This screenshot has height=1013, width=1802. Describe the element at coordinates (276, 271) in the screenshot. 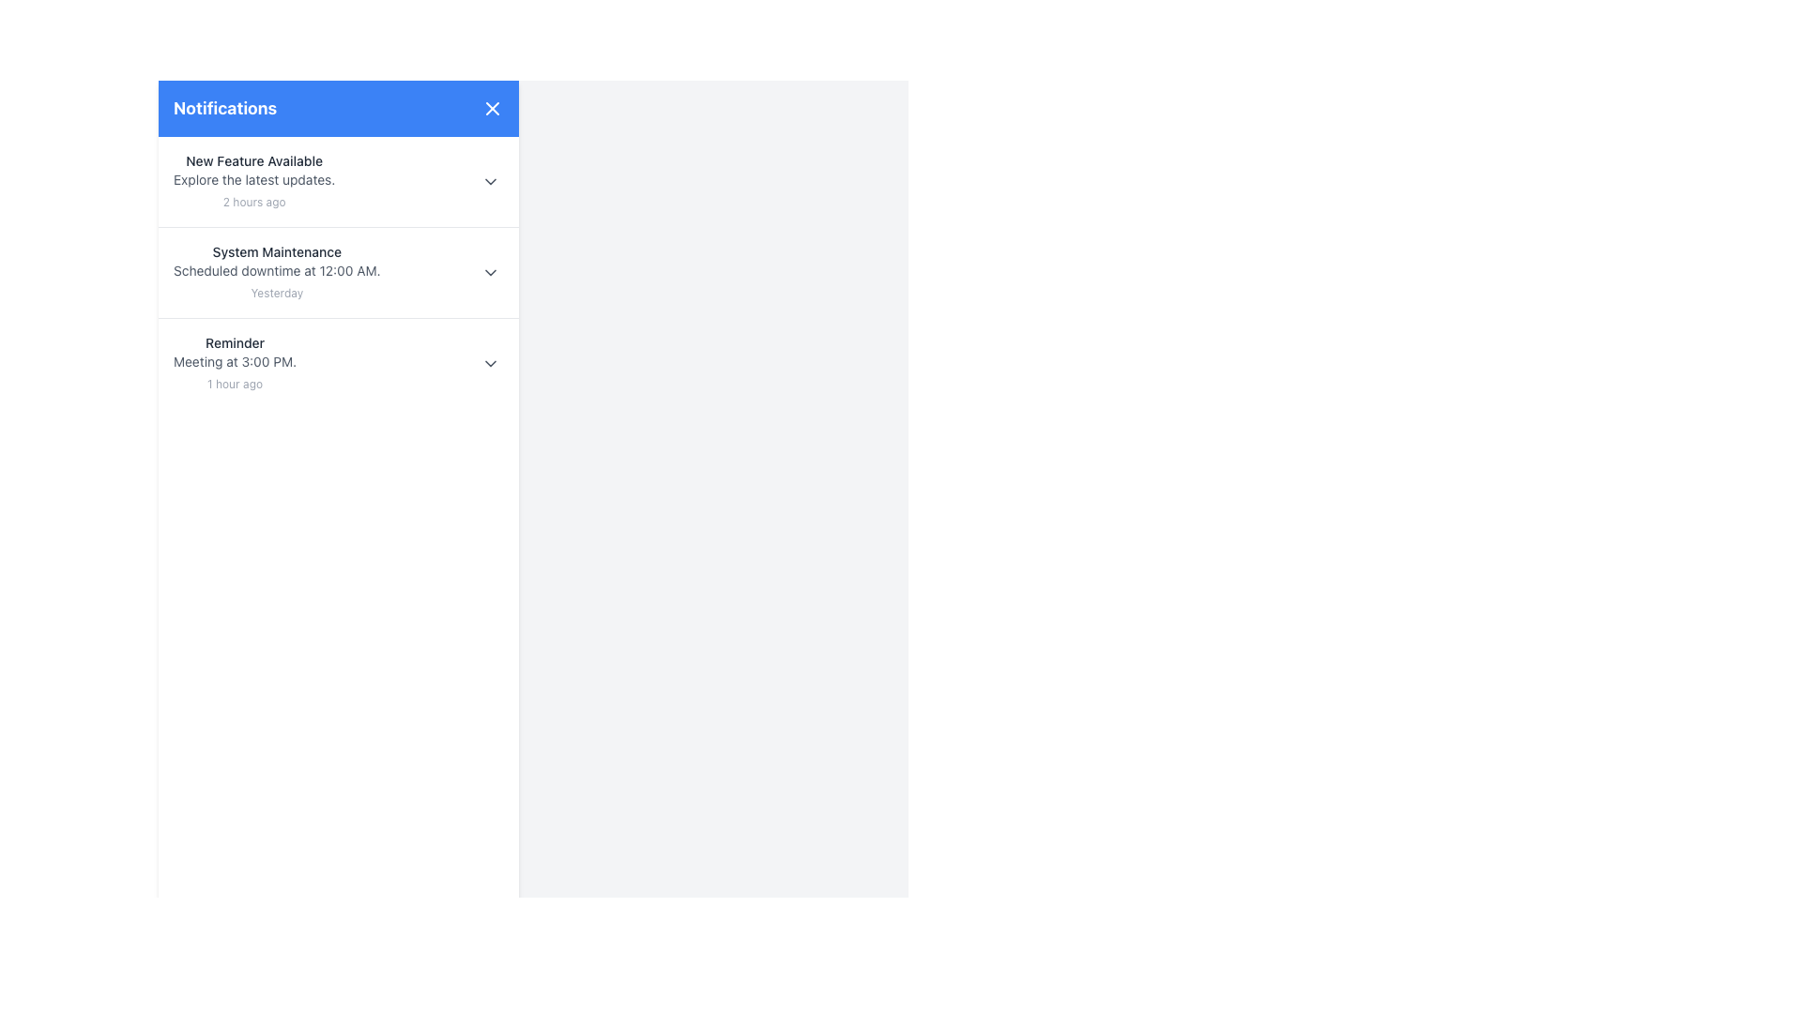

I see `the text element displaying 'Scheduled downtime at 12:00 AM'` at that location.